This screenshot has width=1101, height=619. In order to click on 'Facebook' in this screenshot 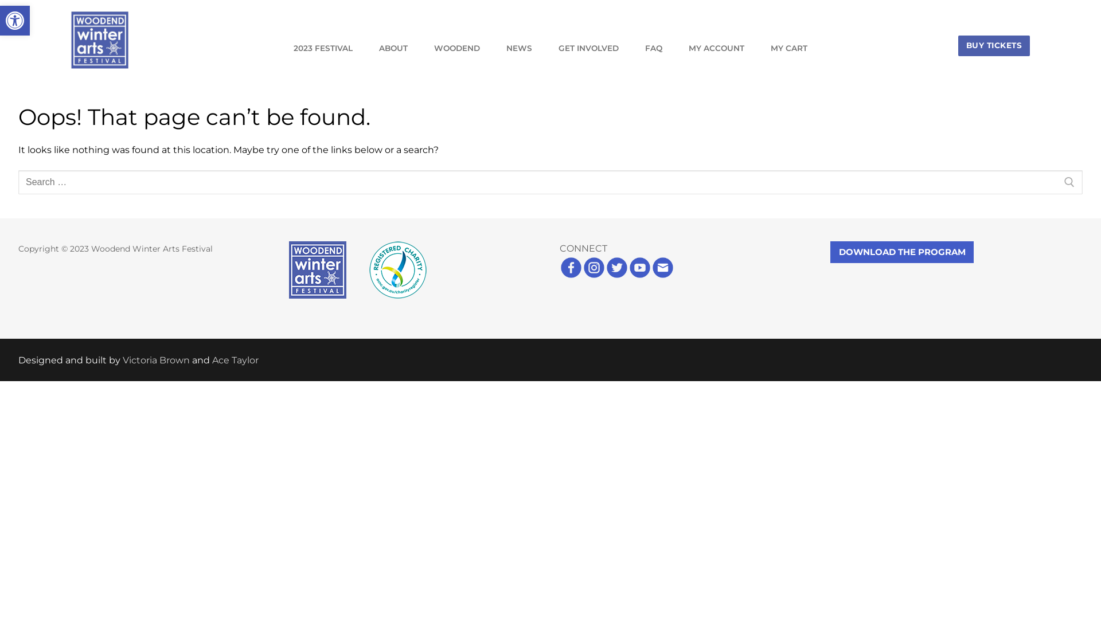, I will do `click(571, 276)`.